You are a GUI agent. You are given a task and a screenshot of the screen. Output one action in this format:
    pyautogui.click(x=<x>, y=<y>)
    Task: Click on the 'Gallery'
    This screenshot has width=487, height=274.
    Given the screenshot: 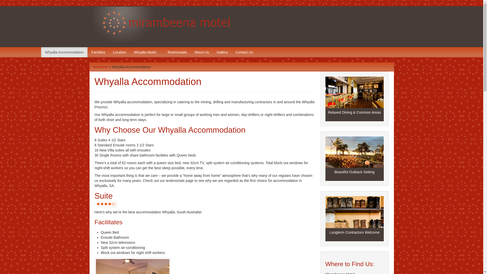 What is the action you would take?
    pyautogui.click(x=222, y=52)
    